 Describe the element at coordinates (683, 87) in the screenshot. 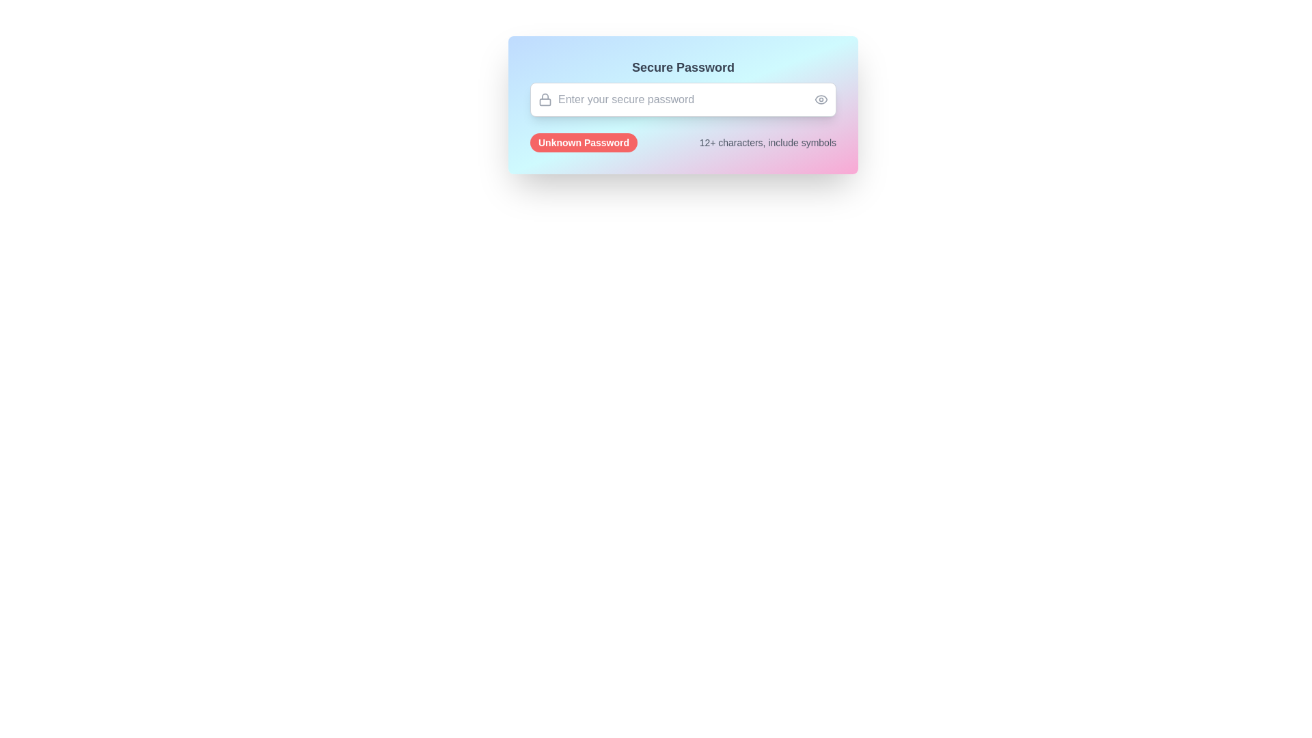

I see `the lock icon and visibility toggle button of the 'Secure Password' form field` at that location.